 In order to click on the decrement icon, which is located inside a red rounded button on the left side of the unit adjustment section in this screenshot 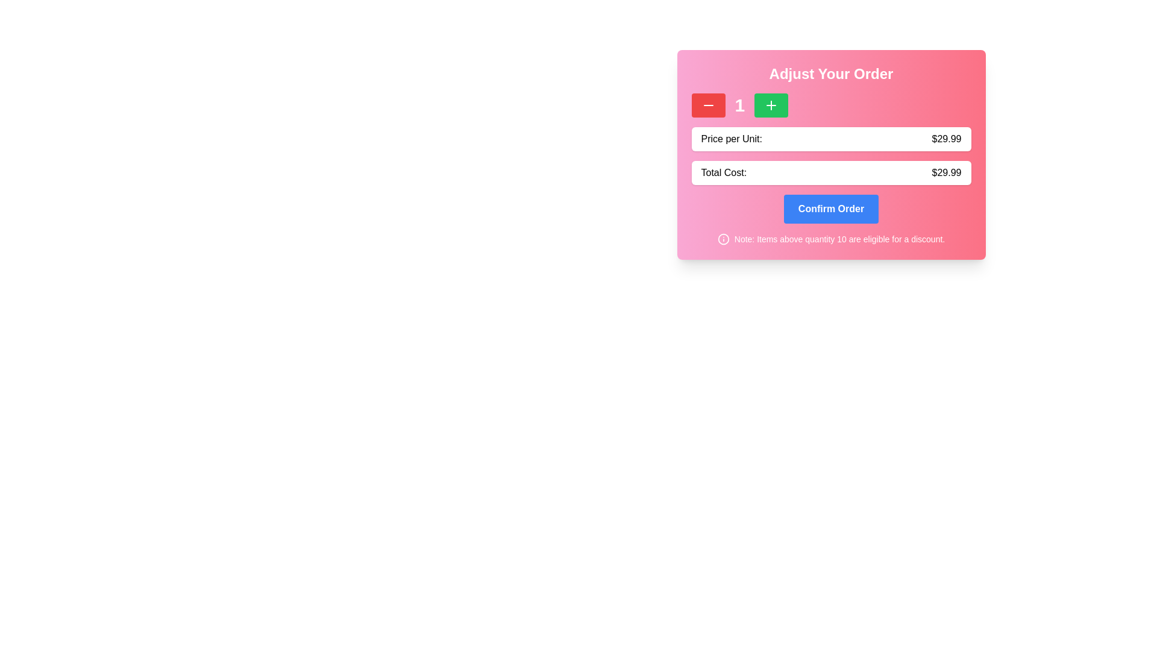, I will do `click(708, 104)`.